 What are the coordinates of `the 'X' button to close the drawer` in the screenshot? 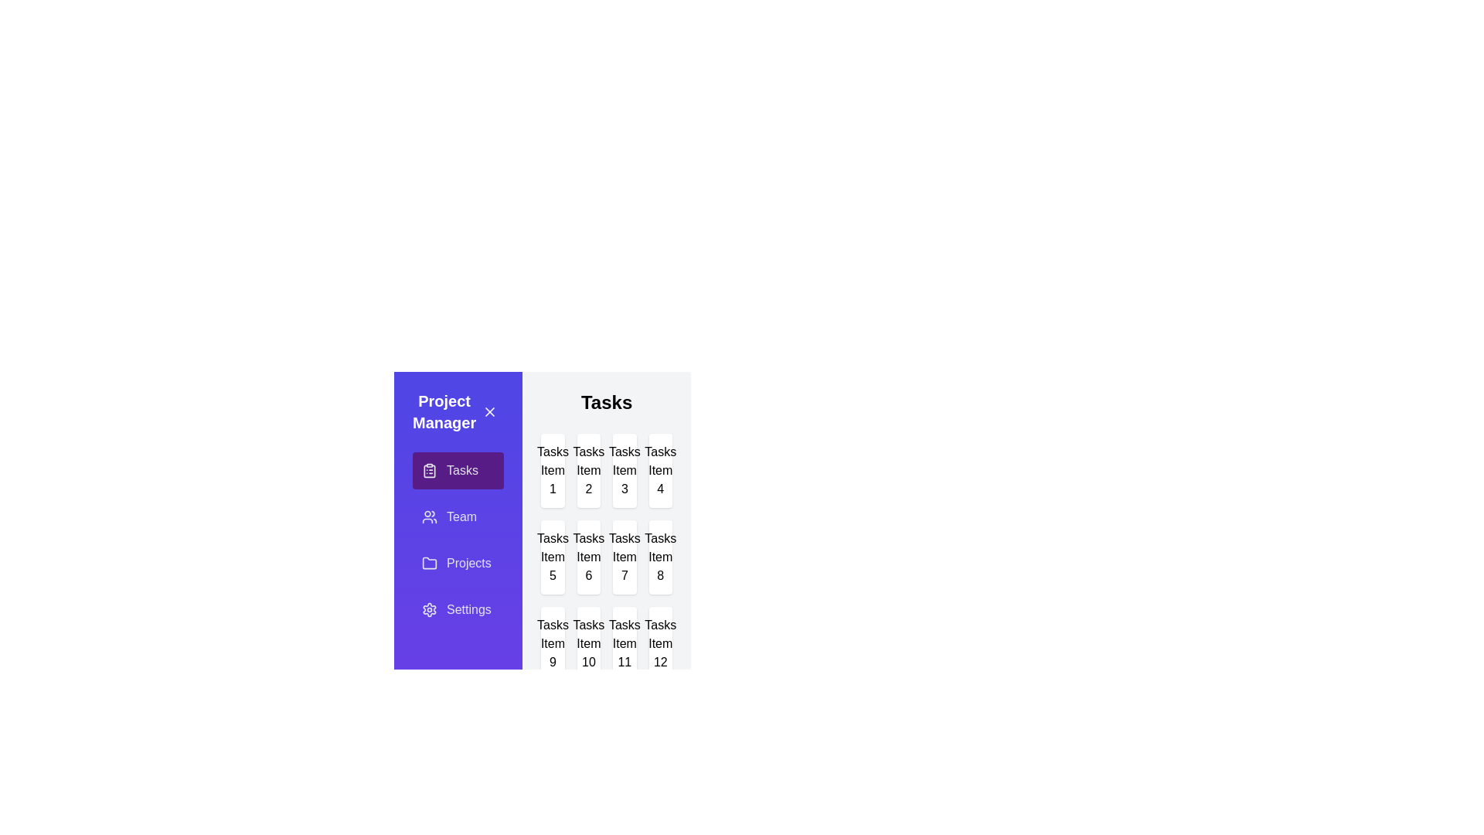 It's located at (489, 411).